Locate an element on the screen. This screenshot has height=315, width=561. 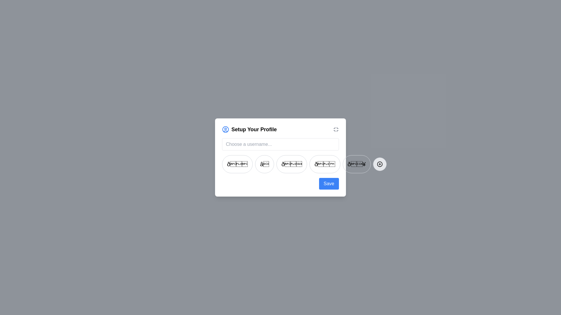
the close button located at the top-right corner of the 'Setup Your Profile' modal dialog to change its appearance is located at coordinates (336, 129).